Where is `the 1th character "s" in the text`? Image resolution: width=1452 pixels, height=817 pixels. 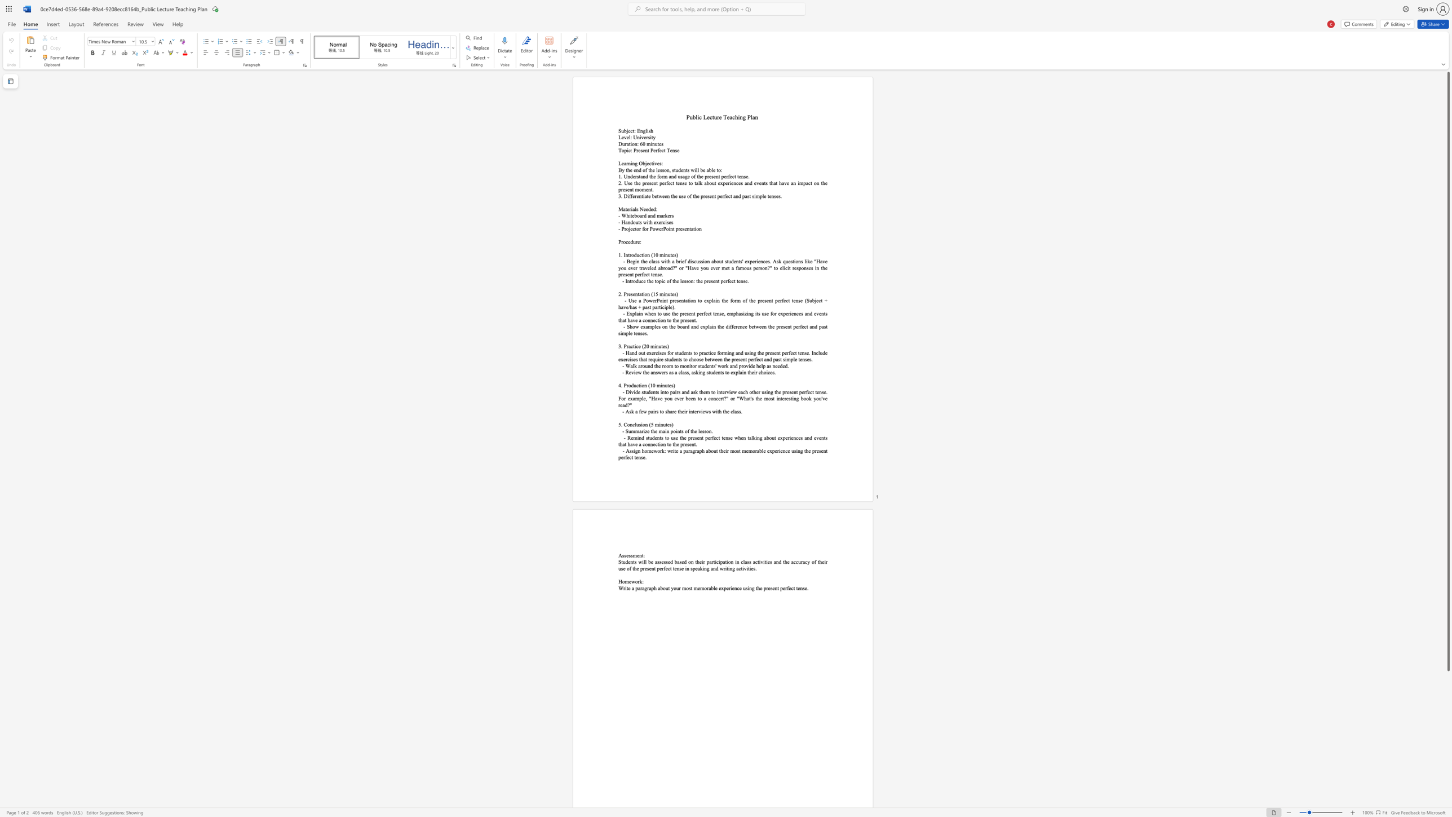
the 1th character "s" in the text is located at coordinates (636, 209).